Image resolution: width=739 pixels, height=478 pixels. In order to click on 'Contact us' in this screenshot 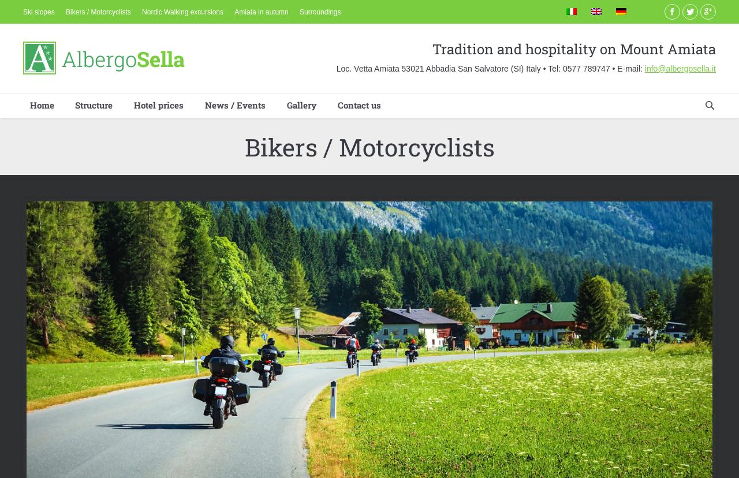, I will do `click(358, 104)`.